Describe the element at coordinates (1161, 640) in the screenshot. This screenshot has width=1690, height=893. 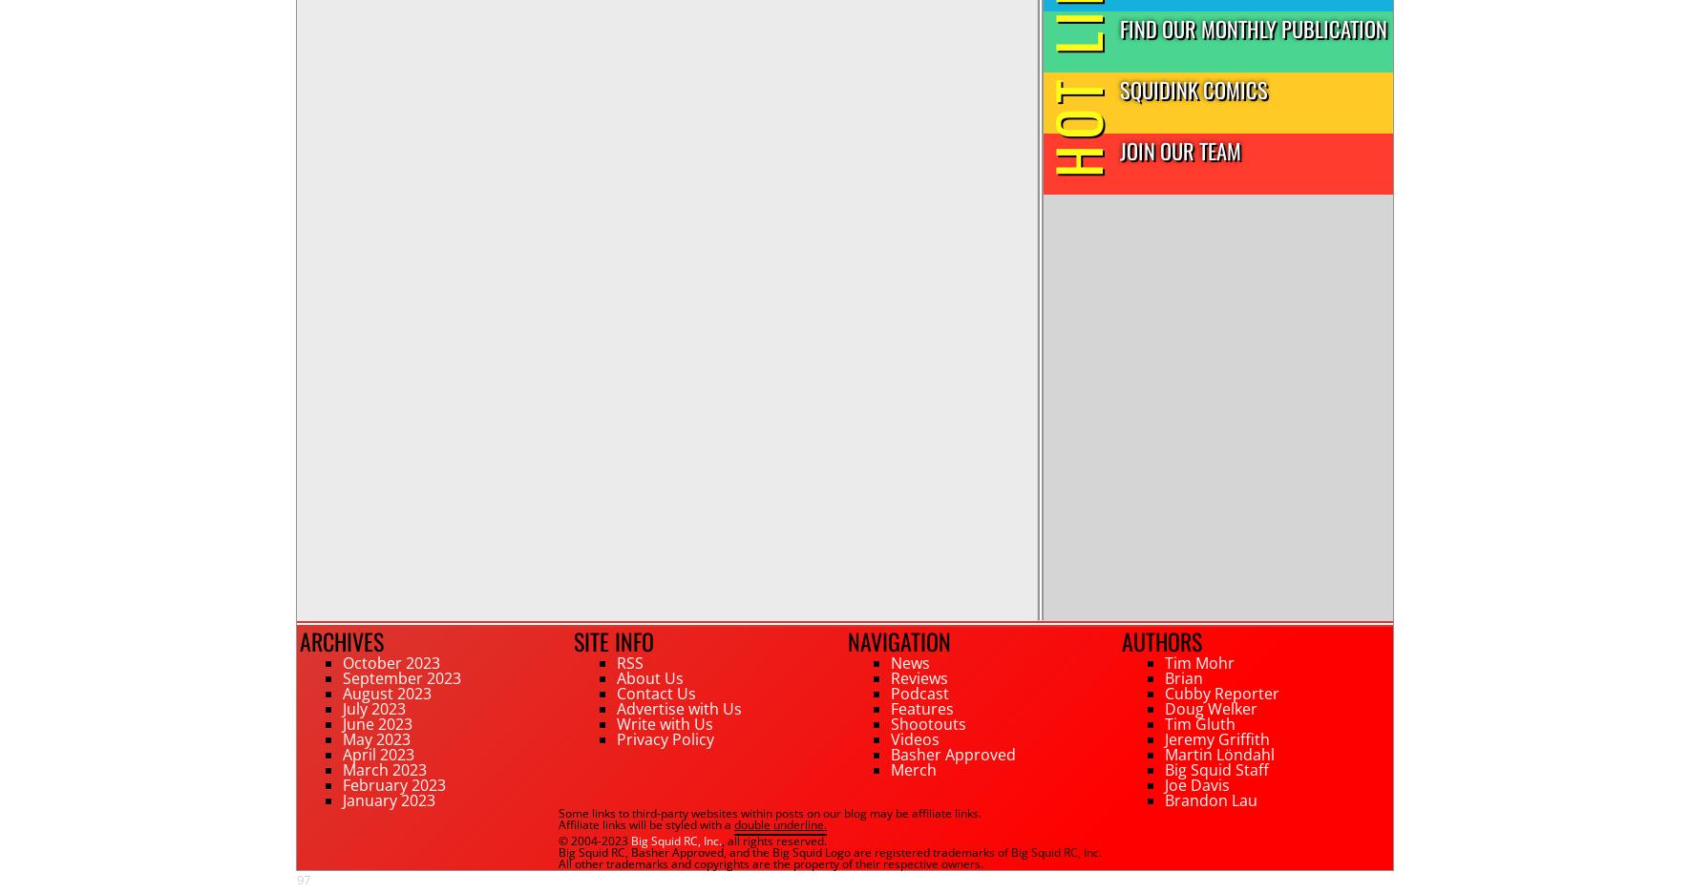
I see `'Authors'` at that location.